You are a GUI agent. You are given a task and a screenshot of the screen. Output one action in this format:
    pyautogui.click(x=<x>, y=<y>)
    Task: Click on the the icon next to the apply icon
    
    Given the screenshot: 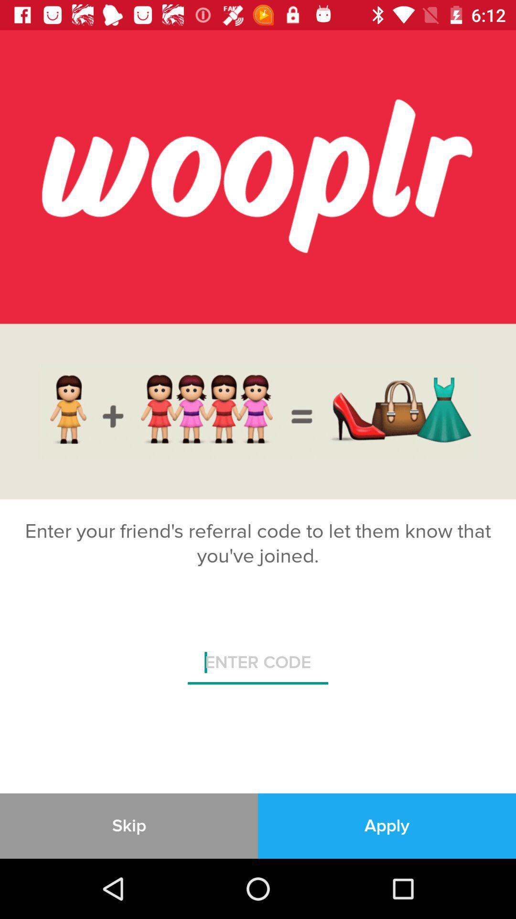 What is the action you would take?
    pyautogui.click(x=129, y=825)
    